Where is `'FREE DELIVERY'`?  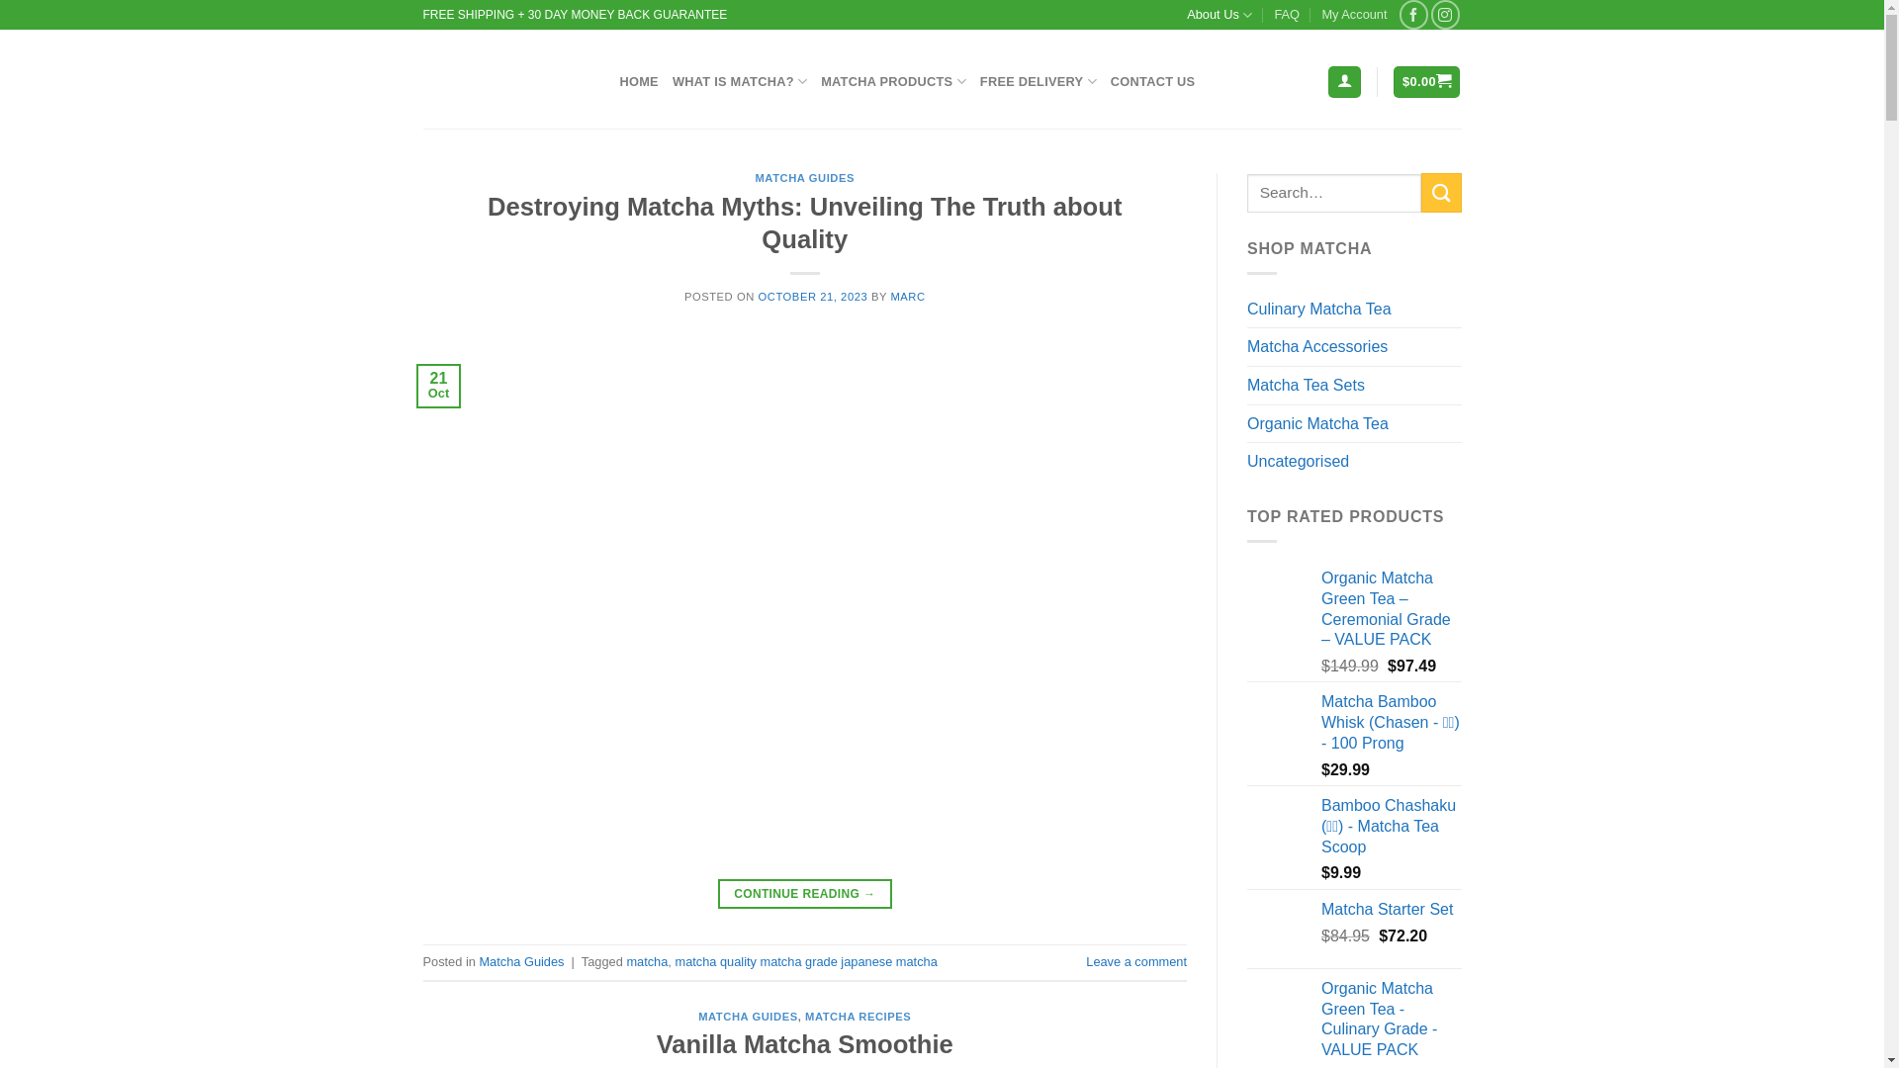 'FREE DELIVERY' is located at coordinates (1038, 80).